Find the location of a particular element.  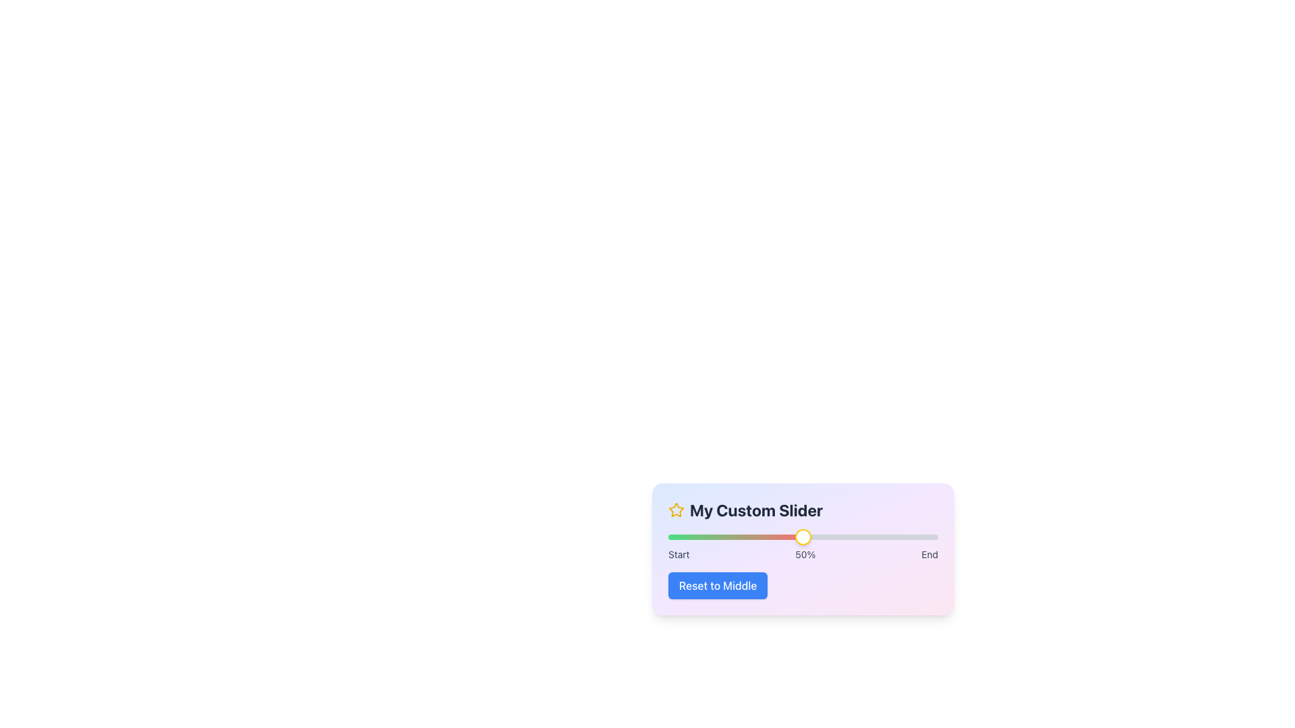

the informational text labels that display 'Start', '50%', and 'End' within the 'My Custom Slider' card, located below the slider and above the 'Reset to Middle' button is located at coordinates (803, 554).